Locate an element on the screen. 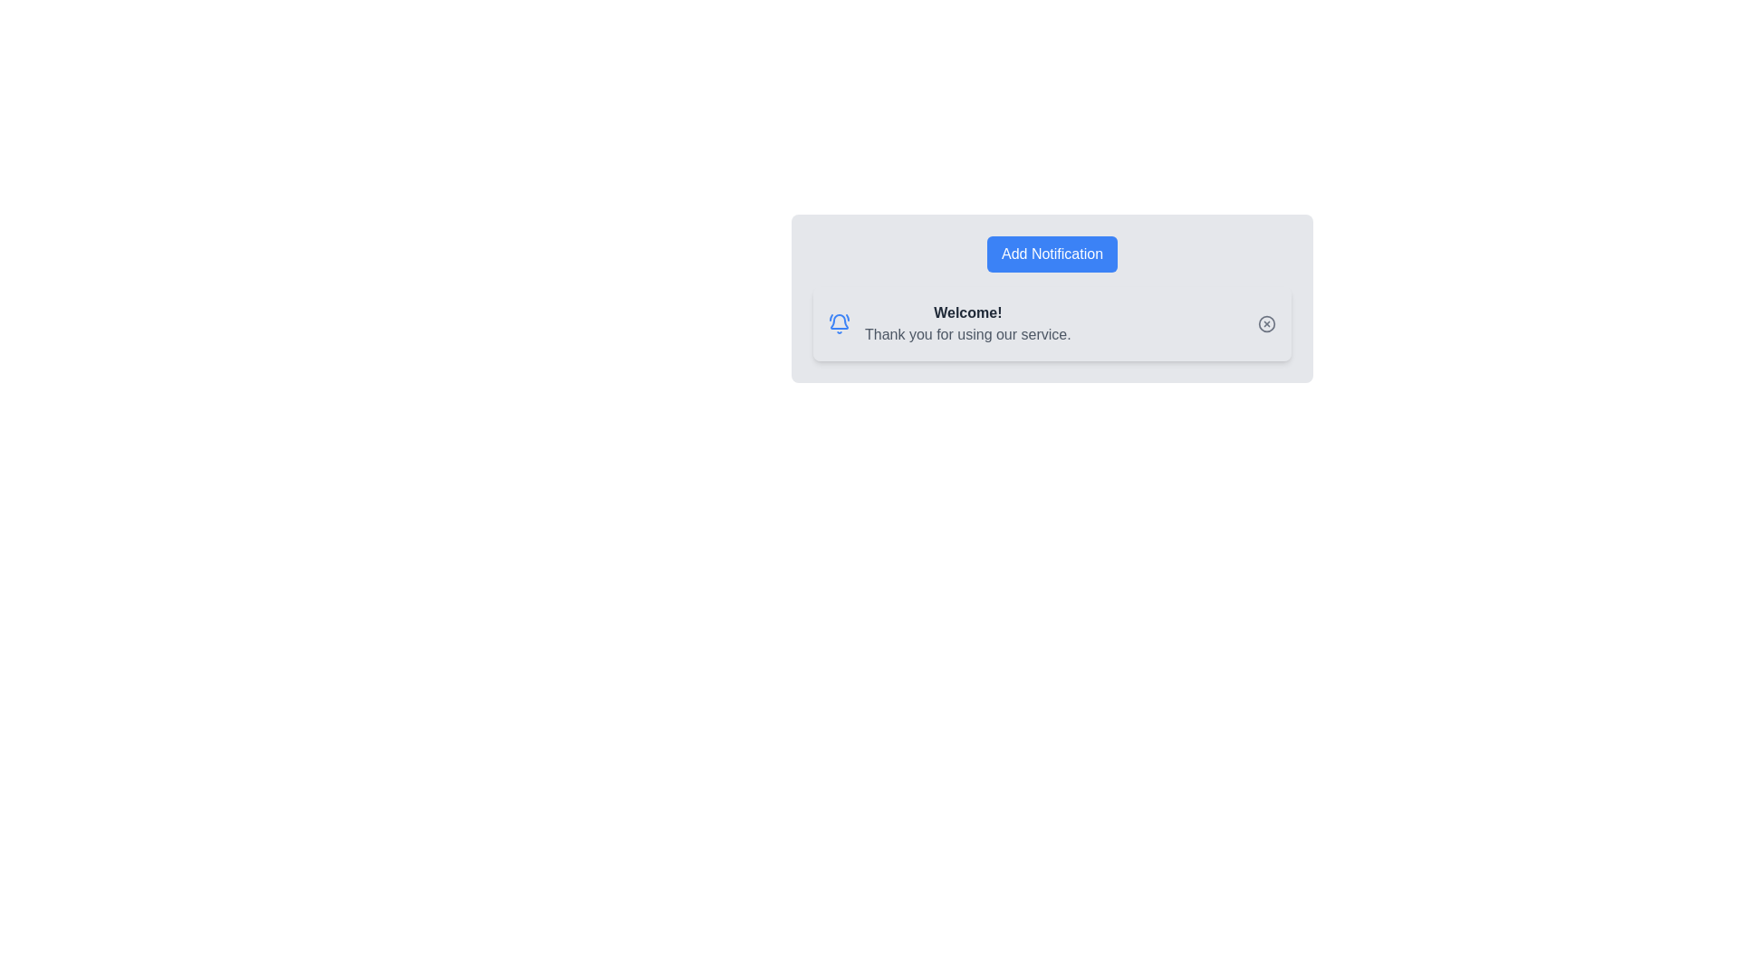 The width and height of the screenshot is (1739, 978). the notification or alert icon located at the far left of the text block 'Welcome! Thank you for using our service.' is located at coordinates (838, 323).